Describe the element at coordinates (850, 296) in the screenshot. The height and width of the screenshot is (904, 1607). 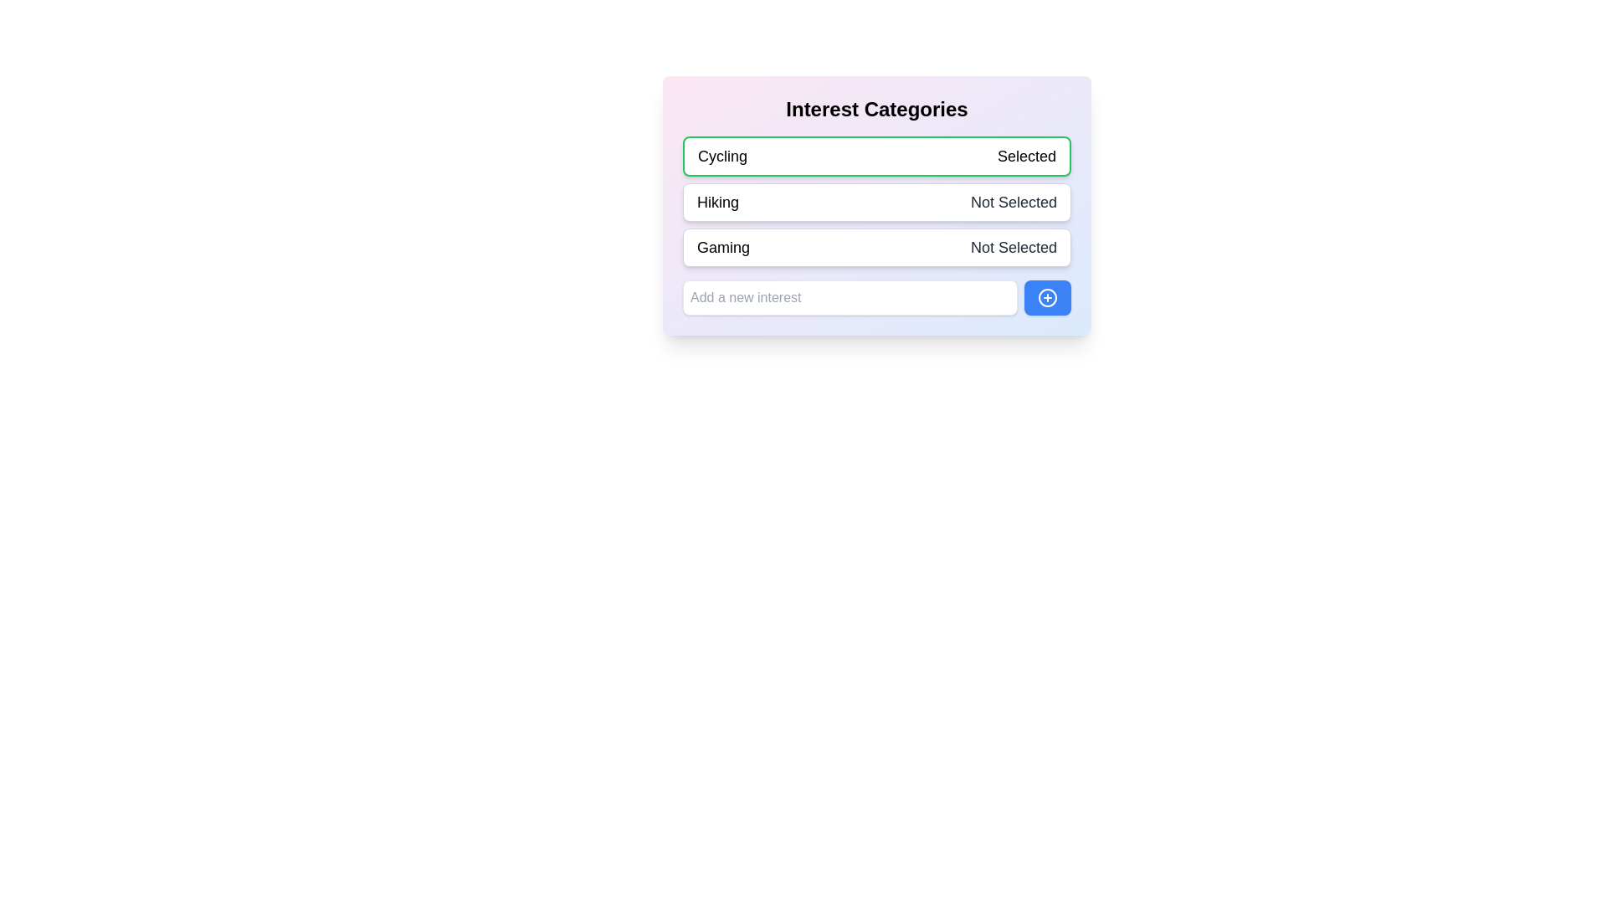
I see `the input field and type the desired text` at that location.